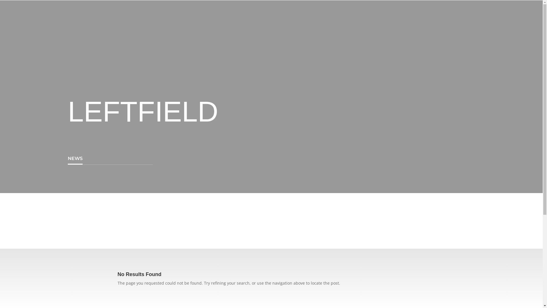 The image size is (547, 308). Describe the element at coordinates (75, 159) in the screenshot. I see `'NEWS'` at that location.